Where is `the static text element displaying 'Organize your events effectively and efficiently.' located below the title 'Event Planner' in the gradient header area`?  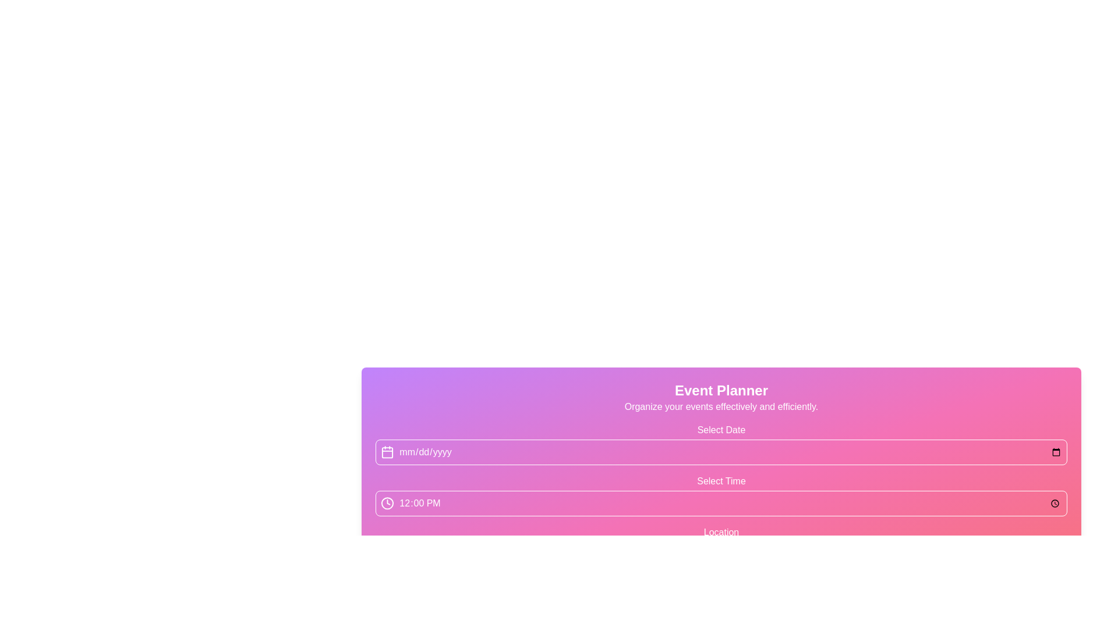 the static text element displaying 'Organize your events effectively and efficiently.' located below the title 'Event Planner' in the gradient header area is located at coordinates (720, 406).